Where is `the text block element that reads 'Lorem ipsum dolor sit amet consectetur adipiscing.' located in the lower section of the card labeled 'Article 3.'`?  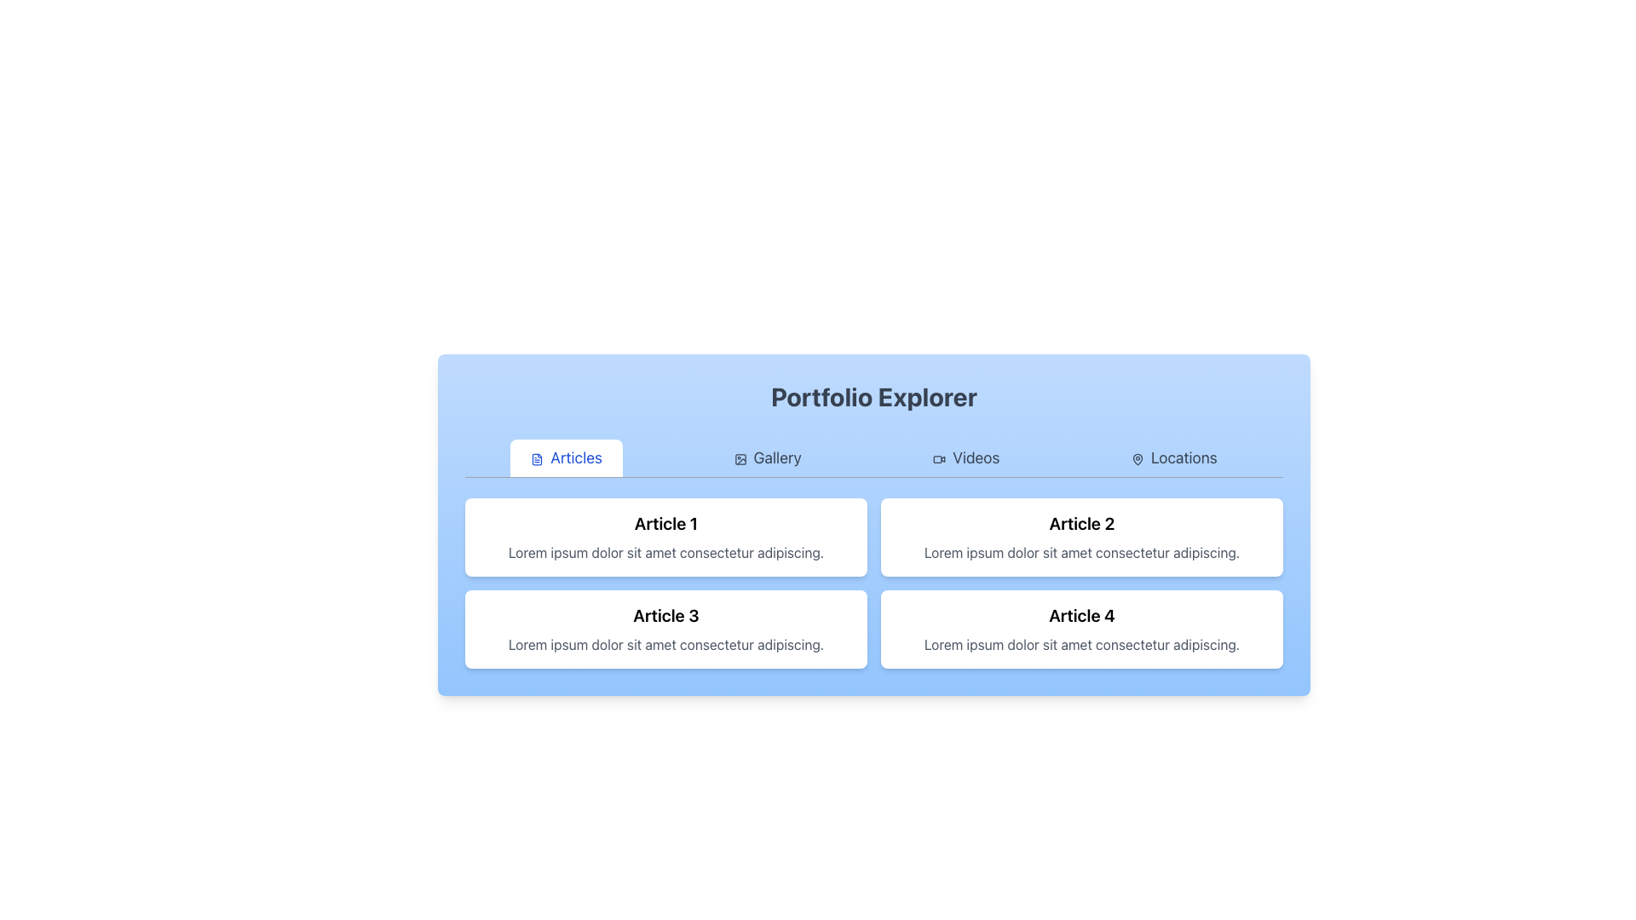
the text block element that reads 'Lorem ipsum dolor sit amet consectetur adipiscing.' located in the lower section of the card labeled 'Article 3.' is located at coordinates (665, 644).